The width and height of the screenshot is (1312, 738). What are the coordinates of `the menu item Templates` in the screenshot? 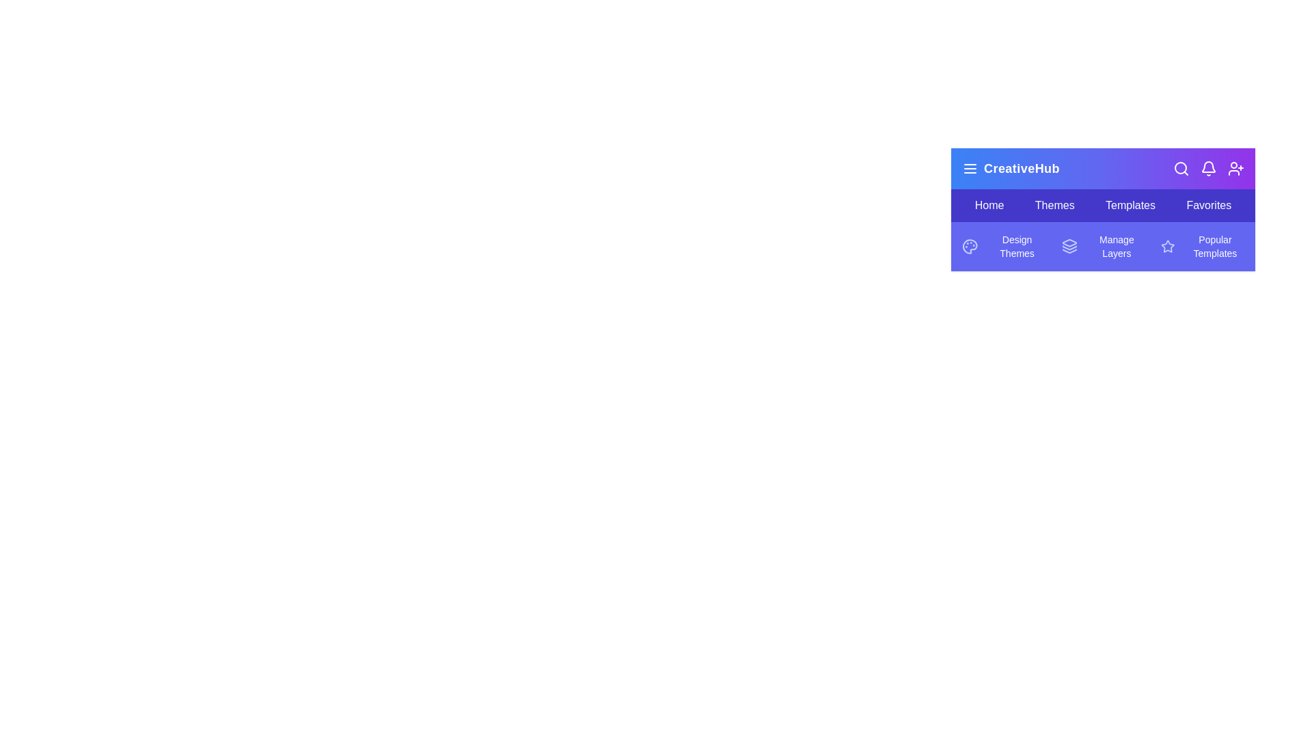 It's located at (1130, 205).